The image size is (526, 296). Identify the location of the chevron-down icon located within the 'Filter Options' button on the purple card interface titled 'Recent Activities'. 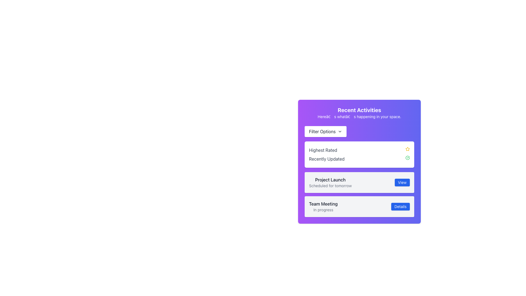
(340, 131).